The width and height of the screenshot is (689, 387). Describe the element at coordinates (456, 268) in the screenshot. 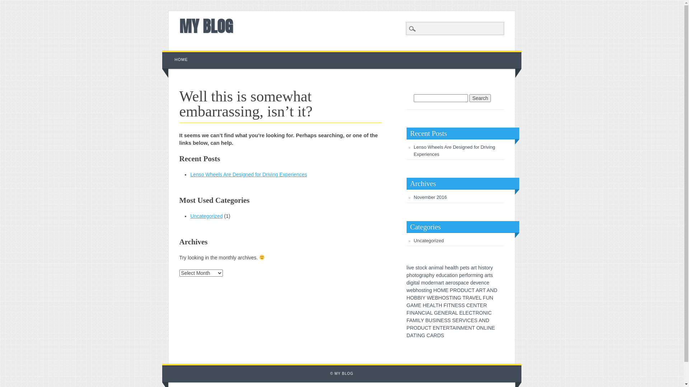

I see `'h'` at that location.